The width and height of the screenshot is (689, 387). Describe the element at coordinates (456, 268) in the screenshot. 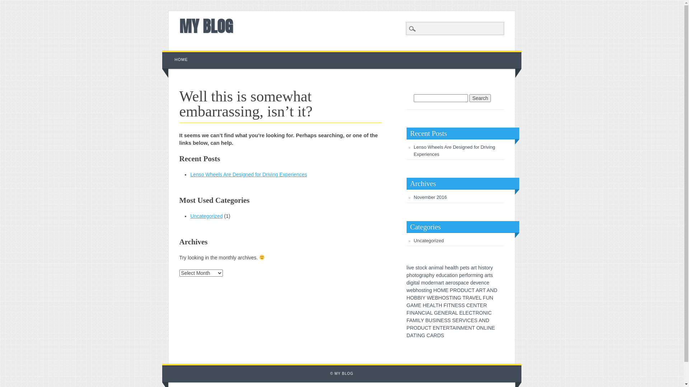

I see `'h'` at that location.